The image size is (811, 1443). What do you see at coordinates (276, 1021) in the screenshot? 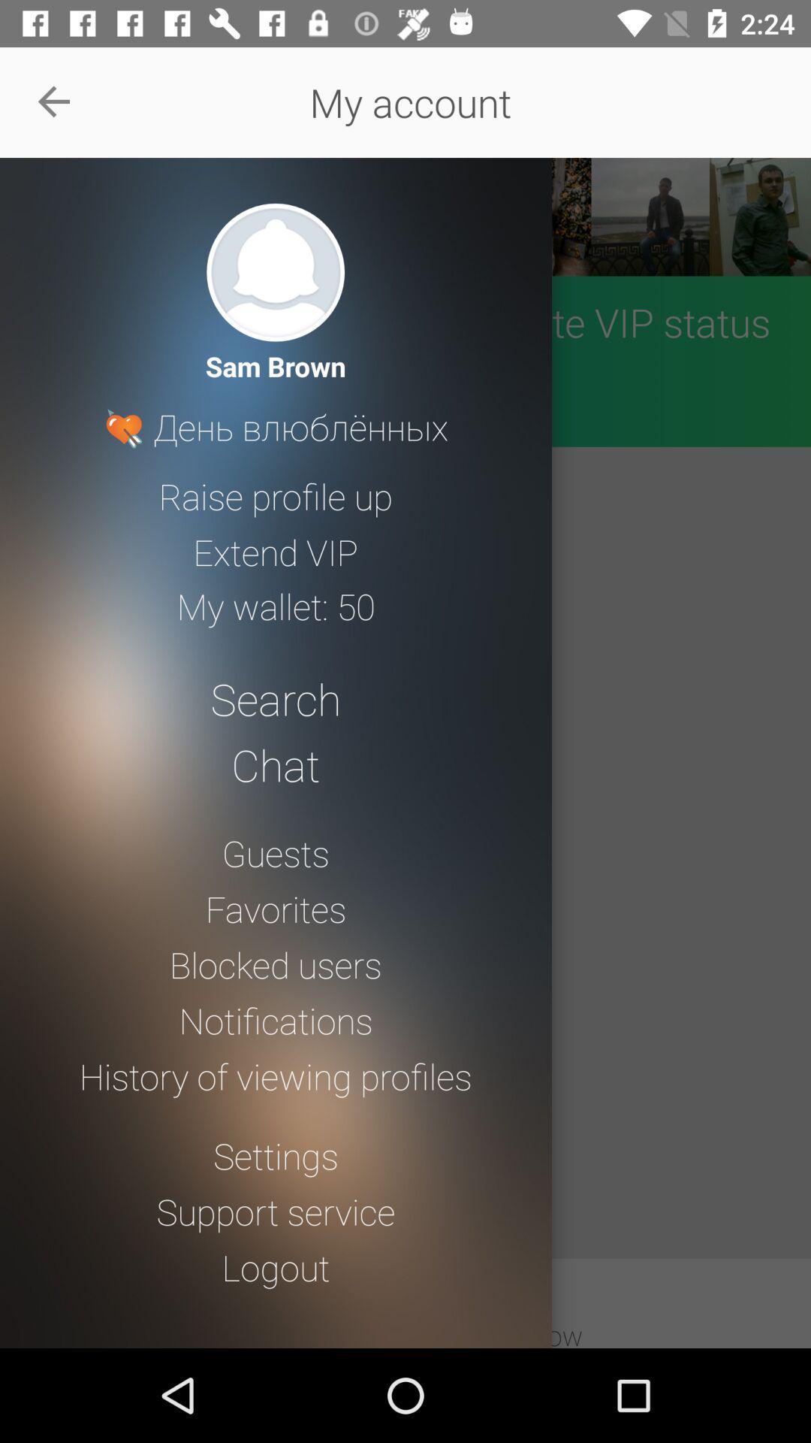
I see `move to the text below blocked users` at bounding box center [276, 1021].